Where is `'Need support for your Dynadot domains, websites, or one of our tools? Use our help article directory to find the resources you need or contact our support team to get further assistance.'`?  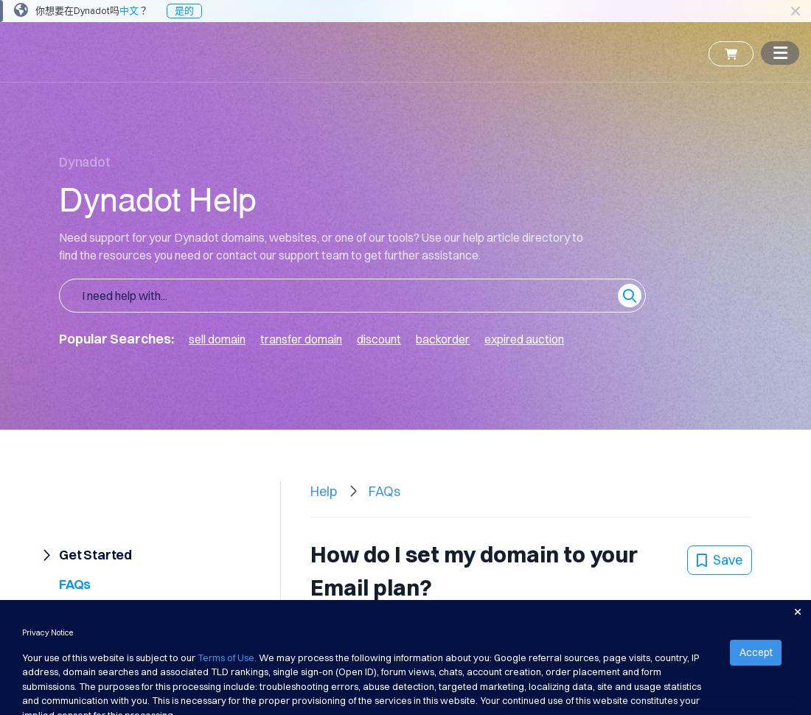 'Need support for your Dynadot domains, websites, or one of our tools? Use our help article directory to find the resources you need or contact our support team to get further assistance.' is located at coordinates (320, 245).